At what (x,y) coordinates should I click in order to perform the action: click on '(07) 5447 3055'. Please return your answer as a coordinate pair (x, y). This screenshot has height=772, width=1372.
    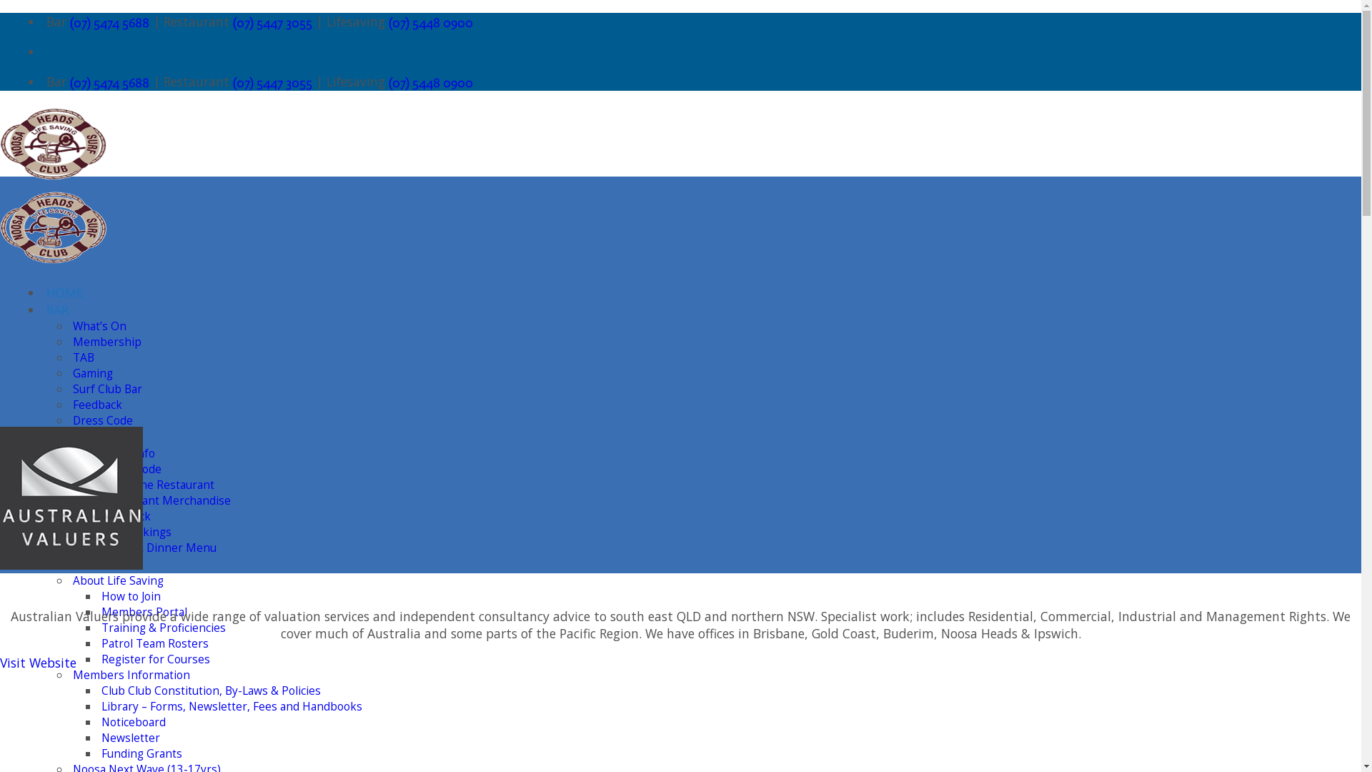
    Looking at the image, I should click on (272, 82).